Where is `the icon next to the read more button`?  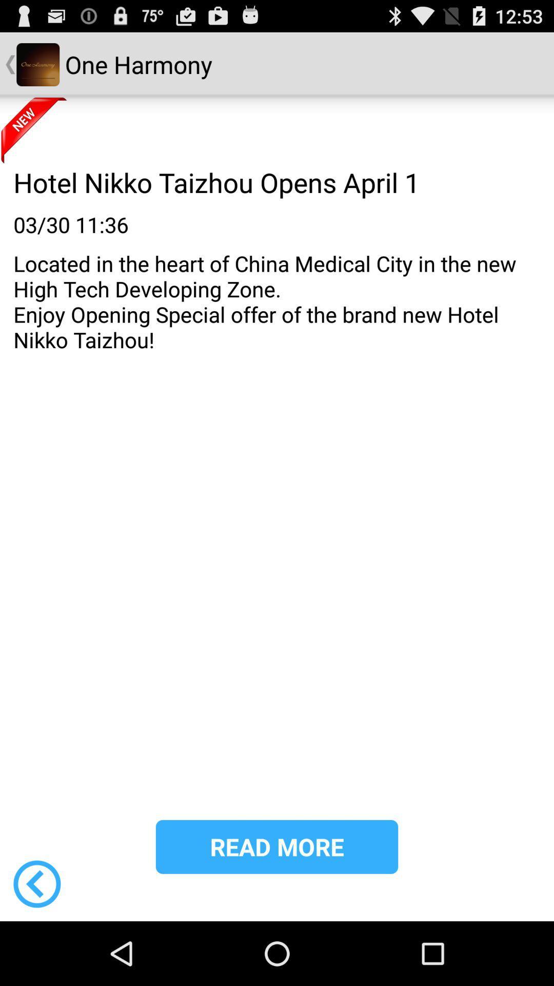 the icon next to the read more button is located at coordinates (36, 883).